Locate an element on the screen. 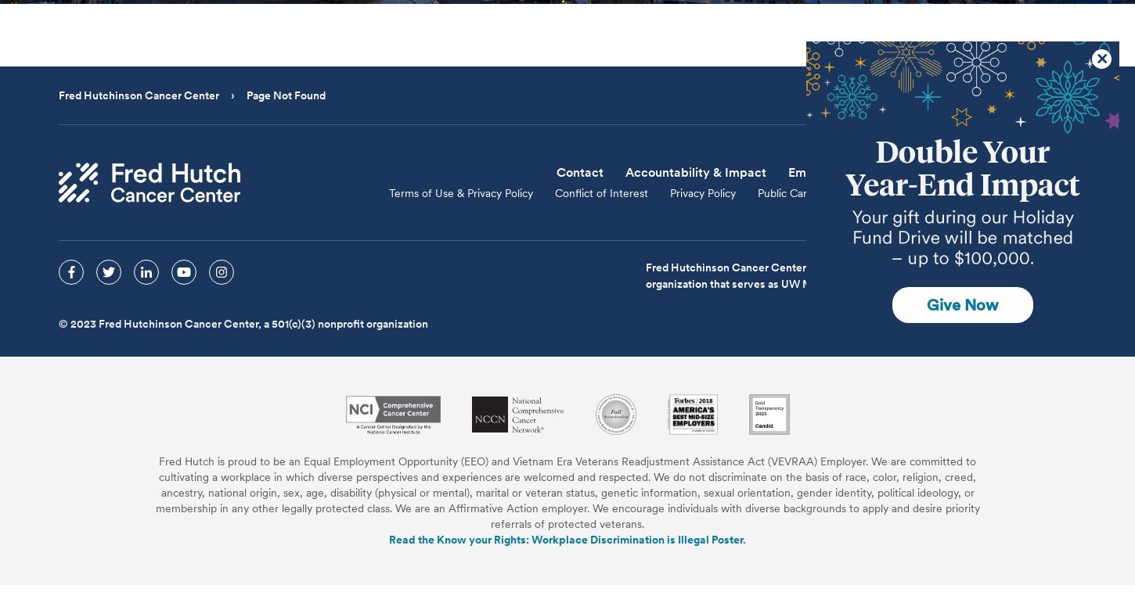  'Contact' is located at coordinates (579, 171).